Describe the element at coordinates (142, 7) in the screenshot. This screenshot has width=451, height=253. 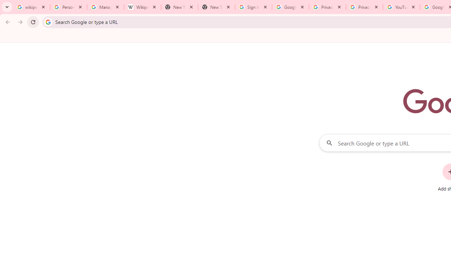
I see `'Wikipedia:Edit requests - Wikipedia'` at that location.